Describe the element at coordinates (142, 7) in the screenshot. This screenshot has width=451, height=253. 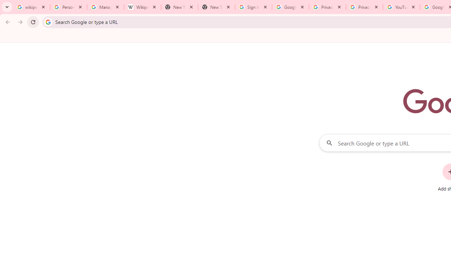
I see `'Wikipedia:Edit requests - Wikipedia'` at that location.